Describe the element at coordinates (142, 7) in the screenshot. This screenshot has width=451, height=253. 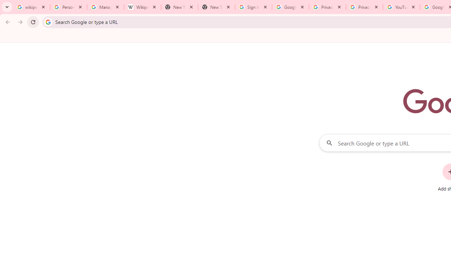
I see `'Wikipedia:Edit requests - Wikipedia'` at that location.